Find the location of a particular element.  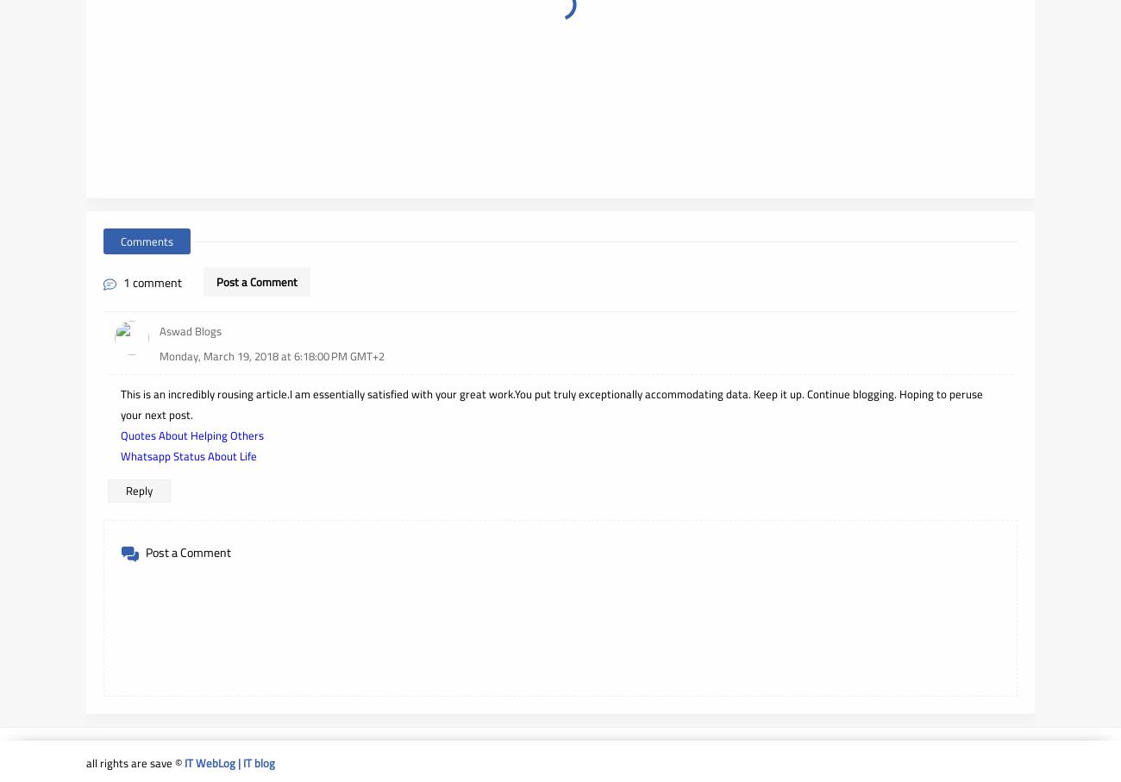

'This is an incredibly rousing article.I am essentially satisfied with your great work.You put truly exceptionally accommodating data. Keep it up. Continue blogging. Hoping to peruse your next post.' is located at coordinates (120, 404).